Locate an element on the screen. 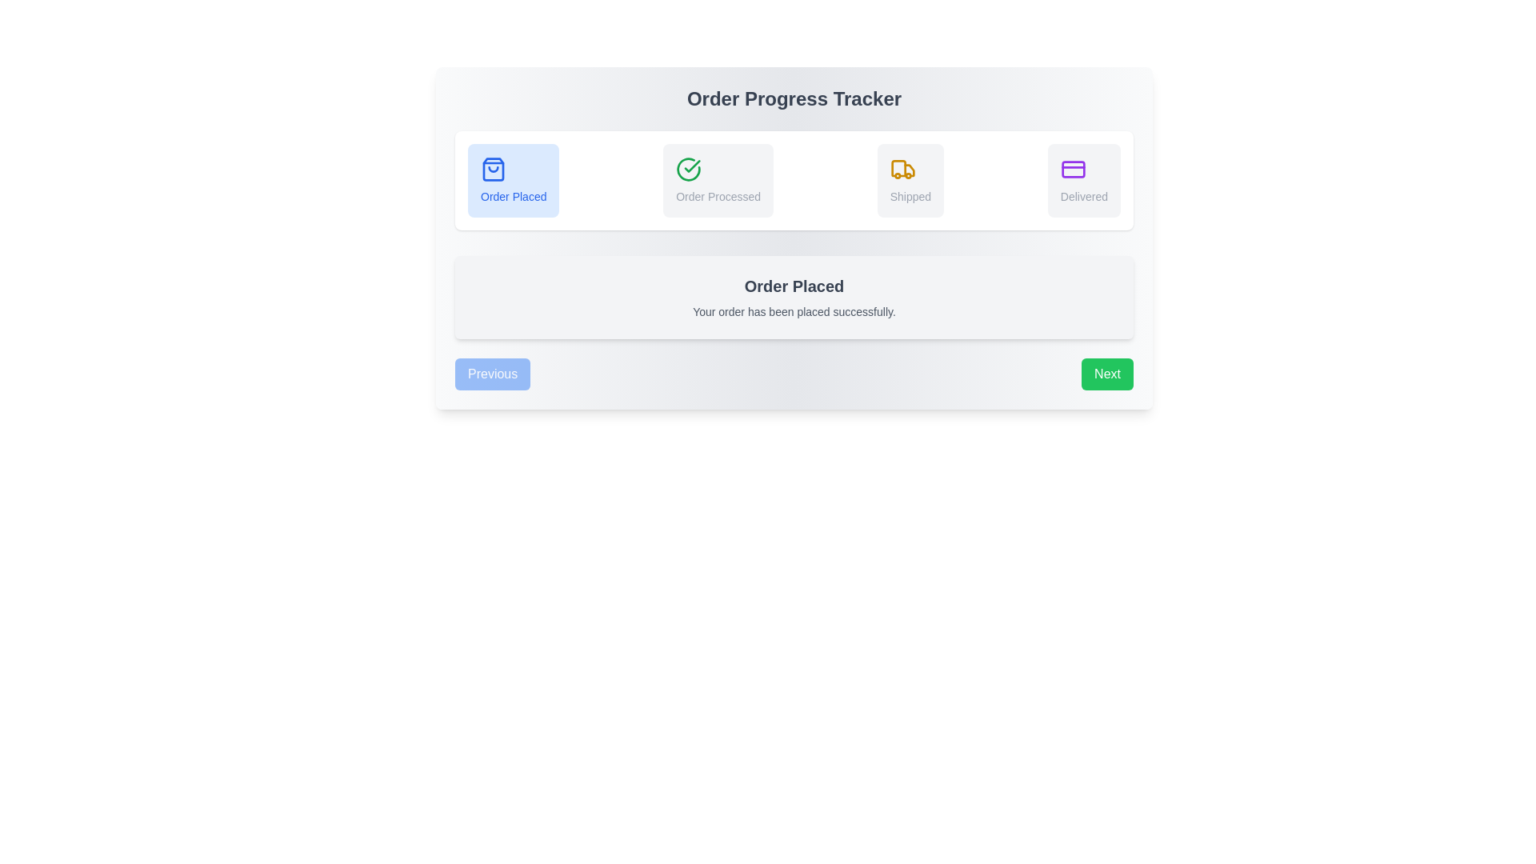 The height and width of the screenshot is (864, 1536). the 'Shipped' status text label in the progress tracker is located at coordinates (910, 196).